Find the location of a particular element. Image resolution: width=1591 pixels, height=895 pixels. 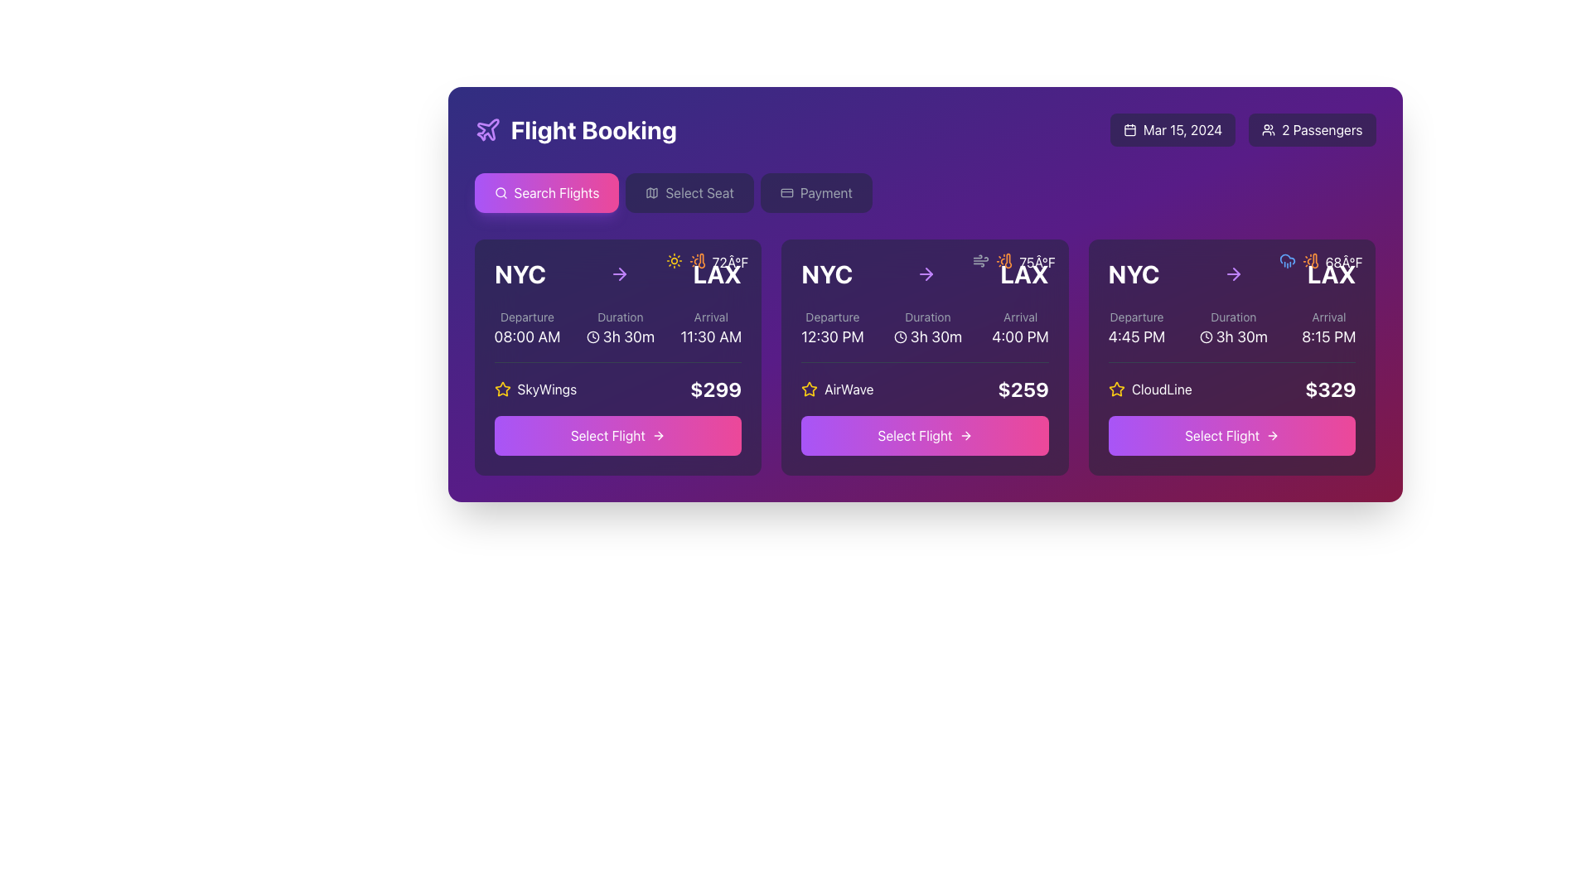

the bold text displaying 'LAX' in white font located at the top-right of the flight information card to ascertain the flight destination is located at coordinates (1023, 273).